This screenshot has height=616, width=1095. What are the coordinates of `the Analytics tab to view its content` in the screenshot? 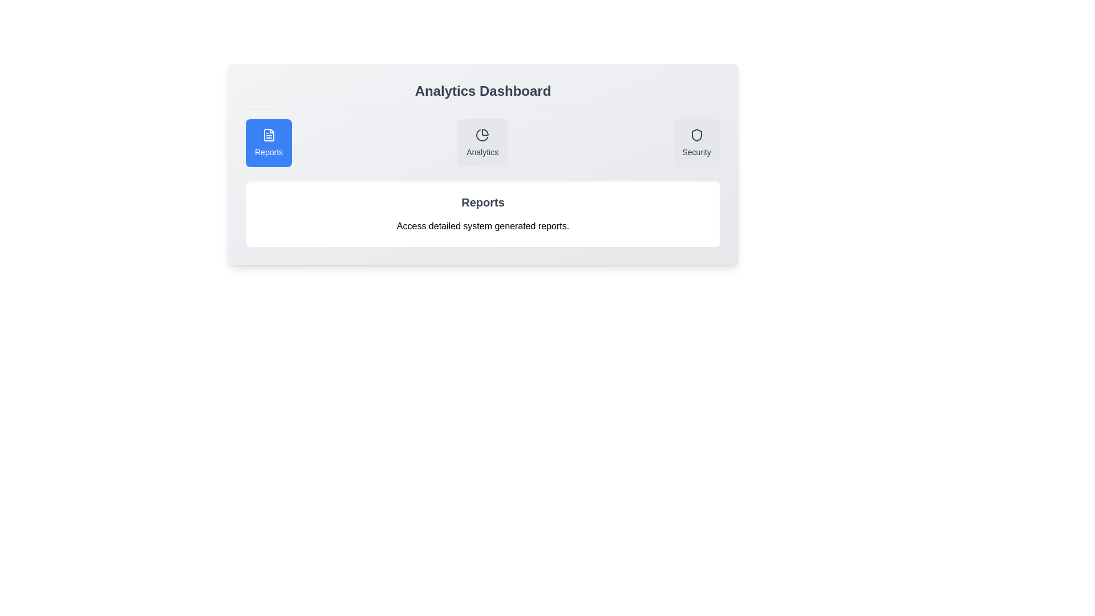 It's located at (482, 142).